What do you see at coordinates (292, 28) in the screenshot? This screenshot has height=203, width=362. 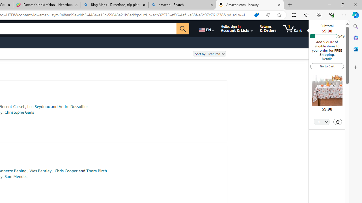 I see `'1 item in cart'` at bounding box center [292, 28].